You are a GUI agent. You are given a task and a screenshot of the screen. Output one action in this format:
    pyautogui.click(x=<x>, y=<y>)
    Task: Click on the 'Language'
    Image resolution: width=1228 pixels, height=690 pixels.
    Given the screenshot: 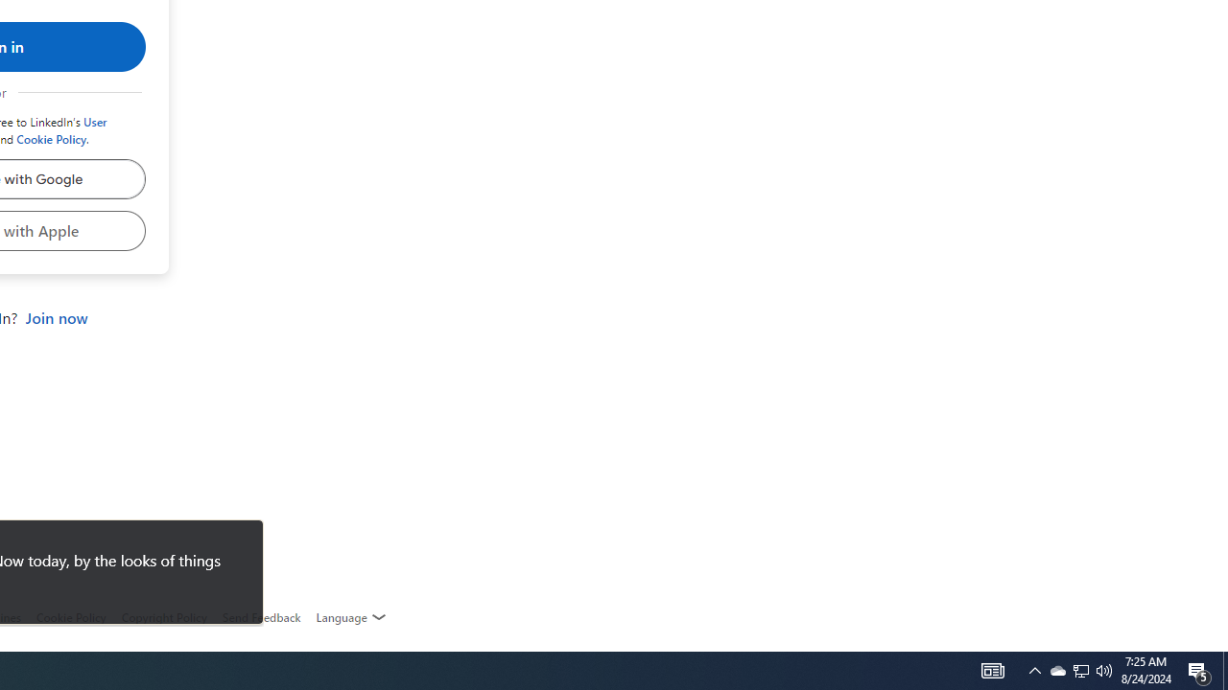 What is the action you would take?
    pyautogui.click(x=351, y=617)
    